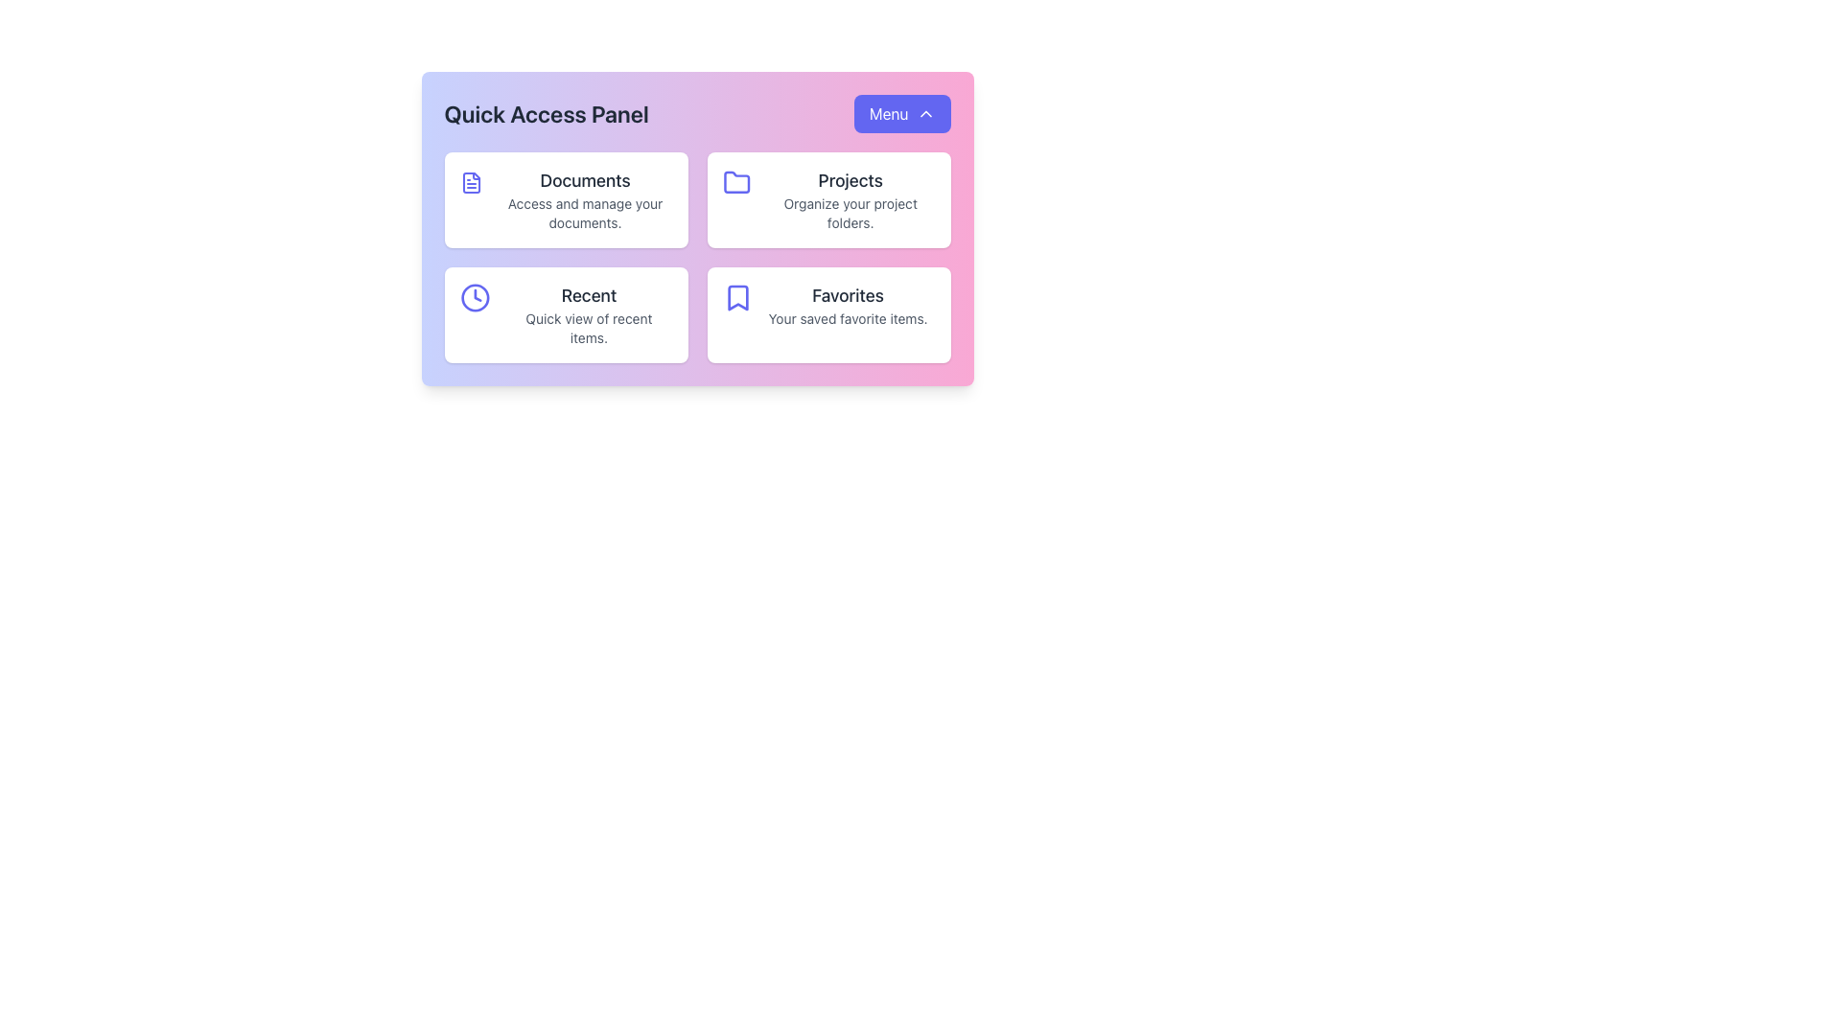  Describe the element at coordinates (475, 298) in the screenshot. I see `the 'Recent' icon in the Quick Access Panel` at that location.